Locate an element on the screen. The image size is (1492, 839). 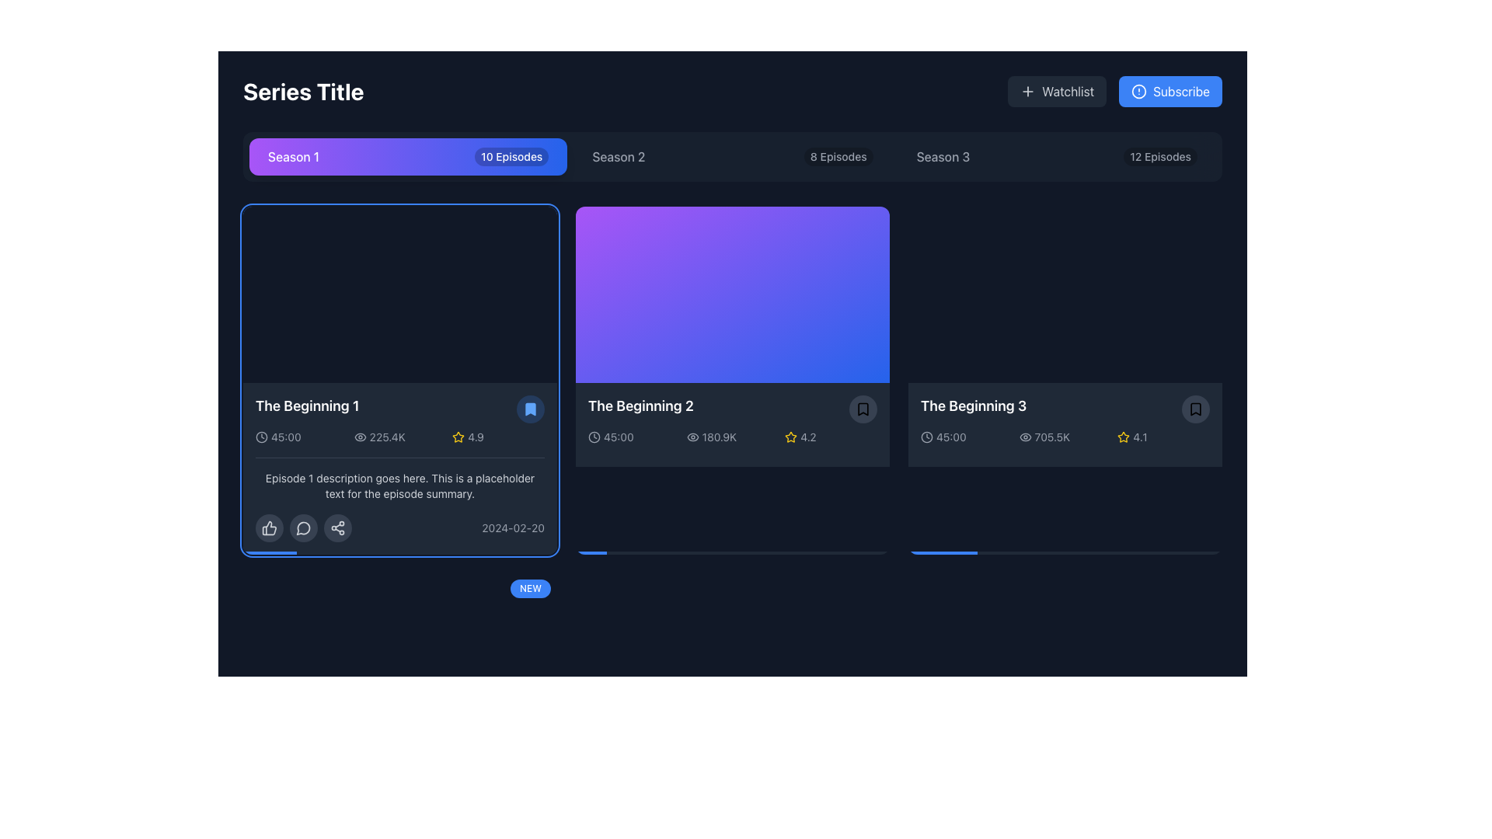
time duration ('45:00'), viewer count ('225.4K'), and rating ('4.9') from the informational group located in the leftmost card of 'The Beginning 1' series overview section is located at coordinates (399, 437).